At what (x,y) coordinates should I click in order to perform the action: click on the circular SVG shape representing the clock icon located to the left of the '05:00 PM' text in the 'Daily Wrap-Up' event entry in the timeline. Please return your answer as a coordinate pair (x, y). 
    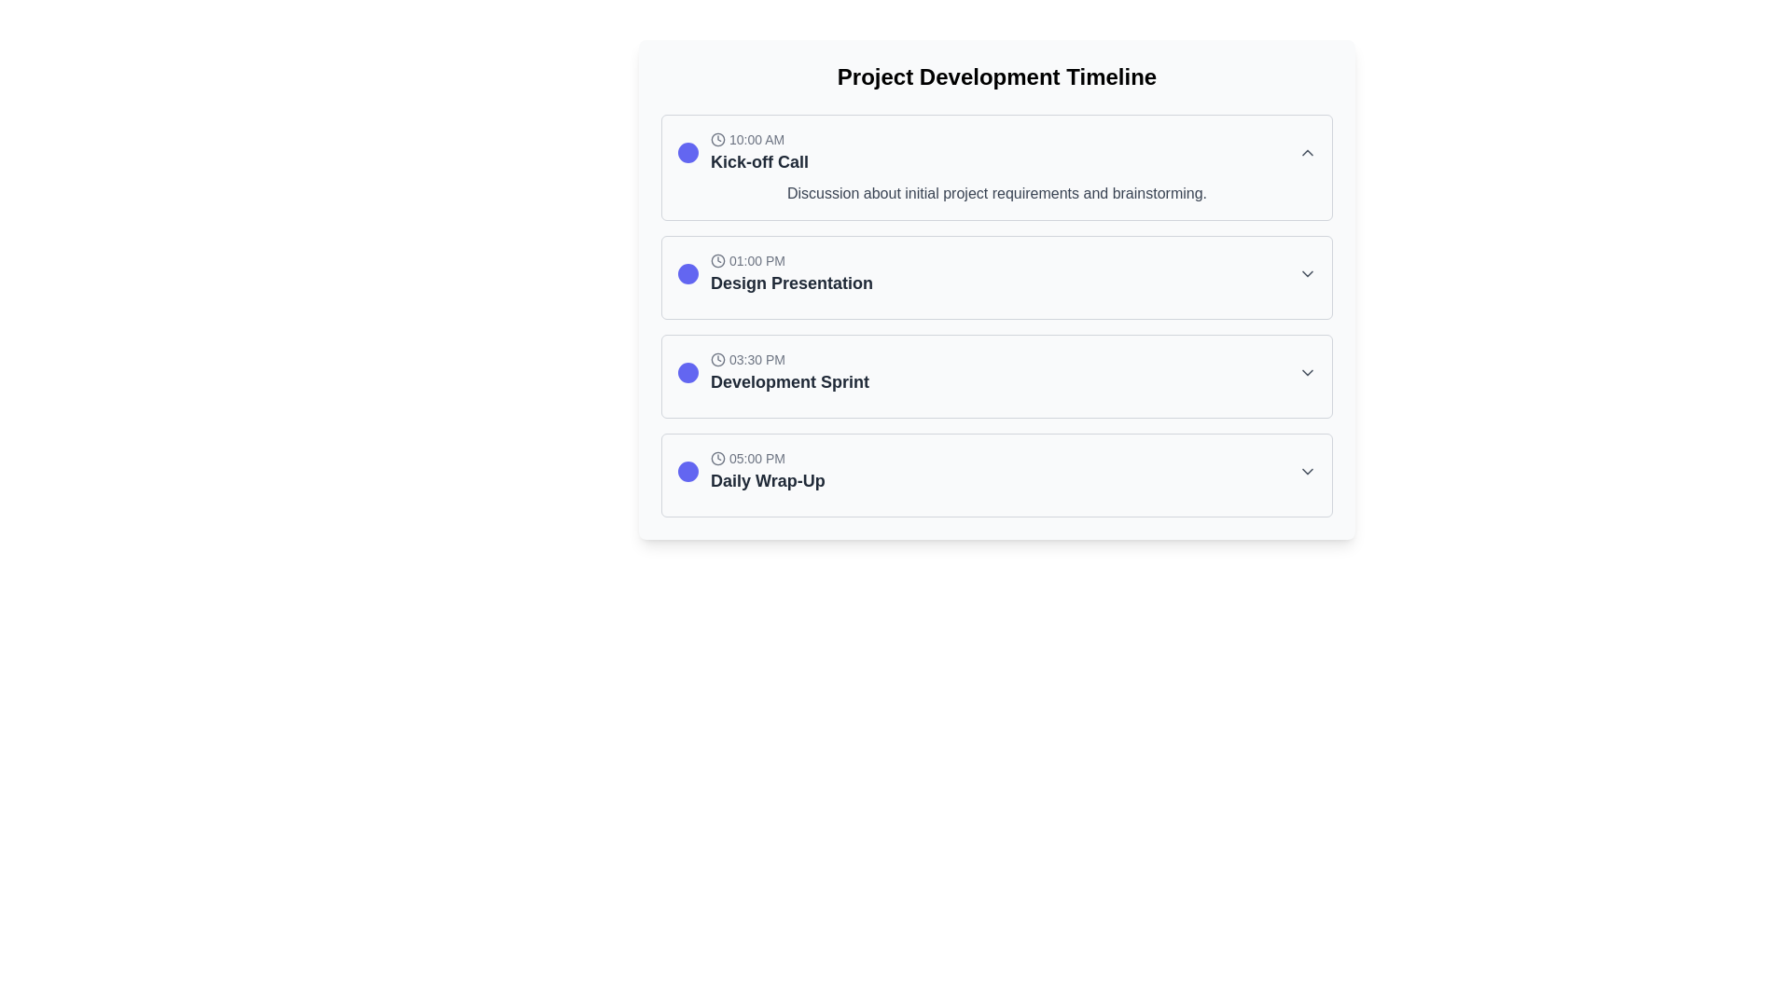
    Looking at the image, I should click on (716, 459).